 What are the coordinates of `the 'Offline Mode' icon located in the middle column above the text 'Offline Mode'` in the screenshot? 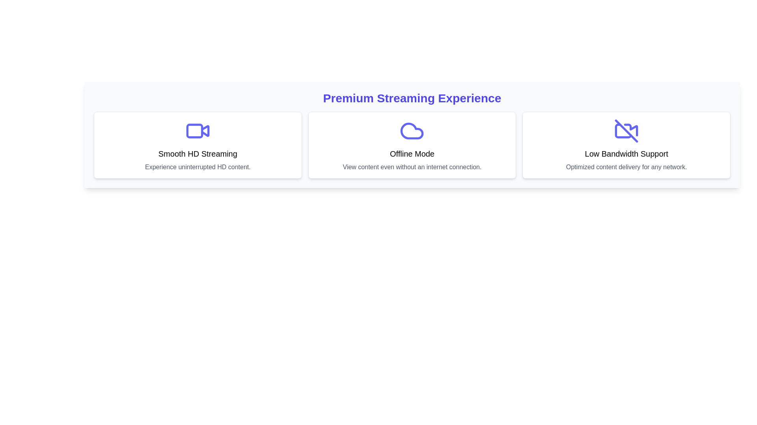 It's located at (412, 130).